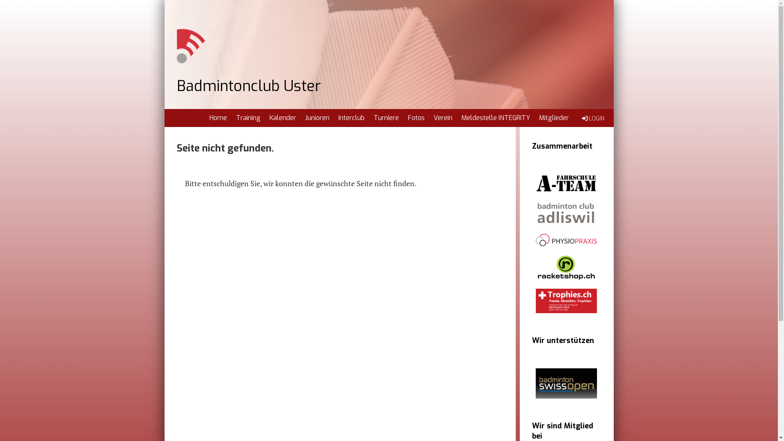 The image size is (784, 441). I want to click on 'Meldestelle INTEGRITY', so click(495, 118).